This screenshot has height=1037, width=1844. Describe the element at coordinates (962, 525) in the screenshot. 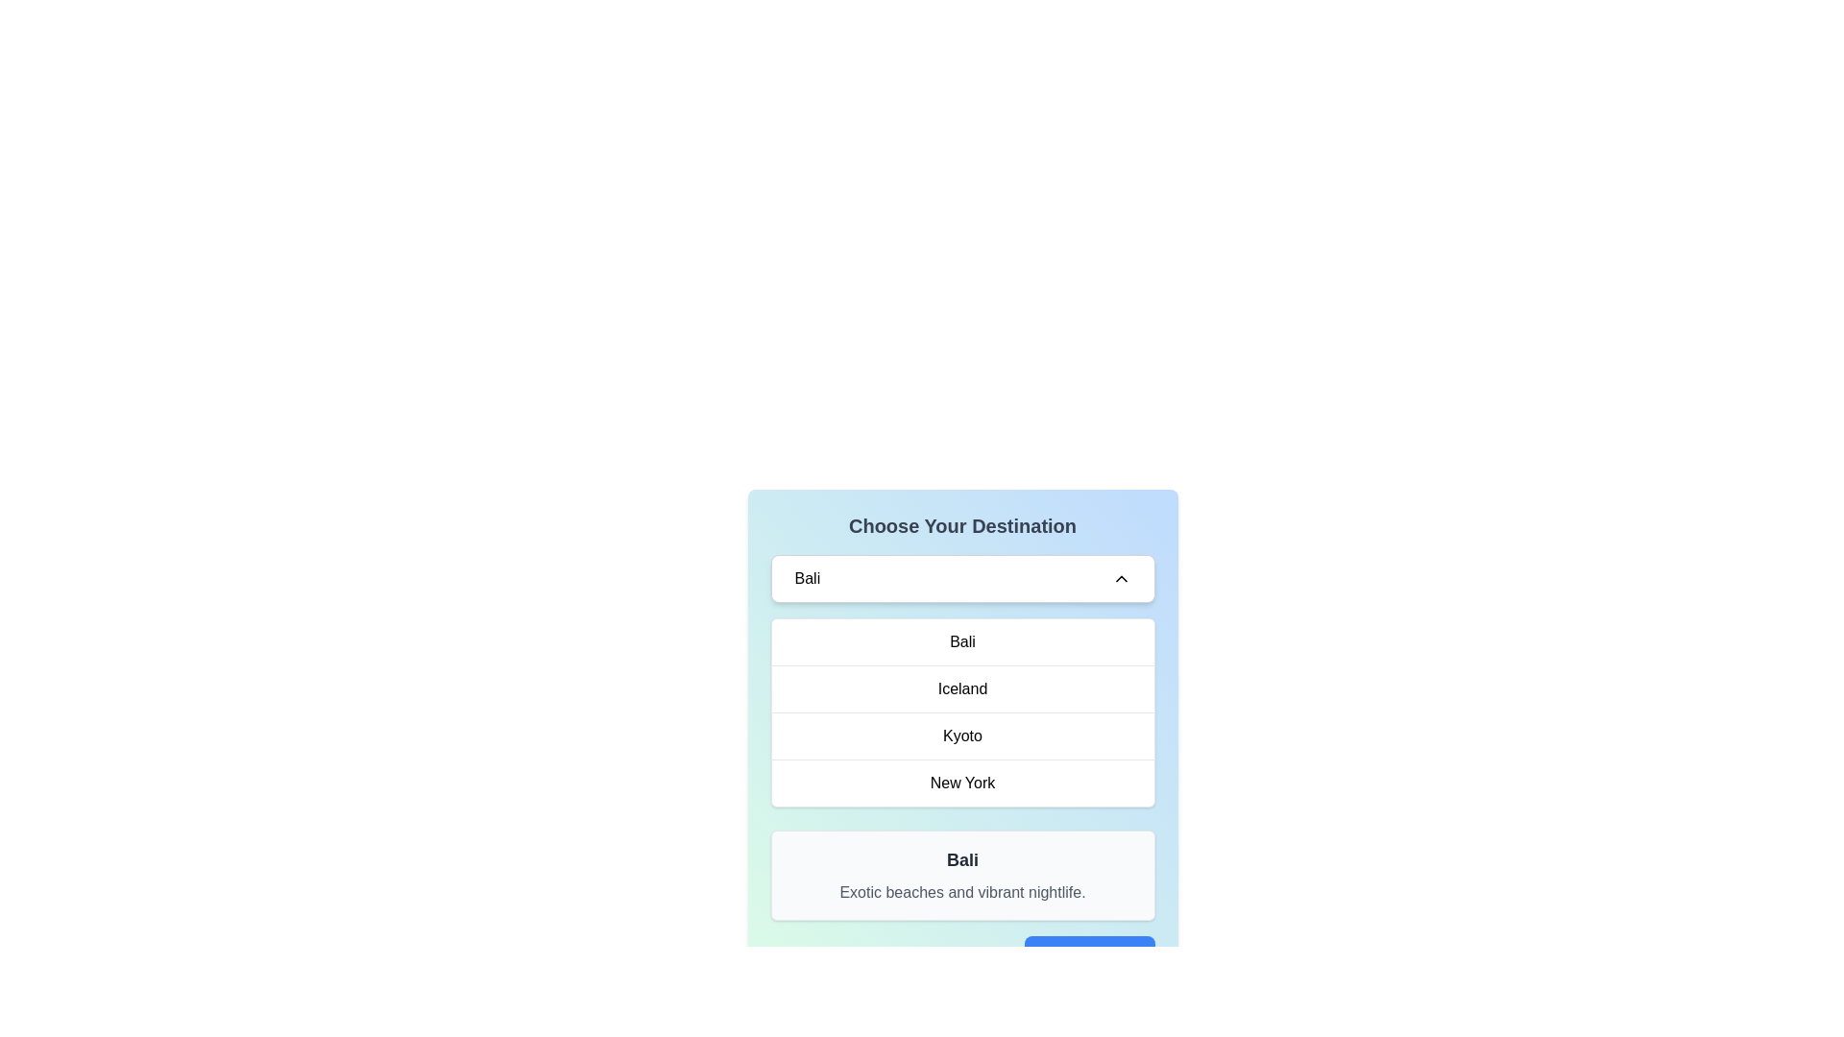

I see `the title text element, which serves` at that location.